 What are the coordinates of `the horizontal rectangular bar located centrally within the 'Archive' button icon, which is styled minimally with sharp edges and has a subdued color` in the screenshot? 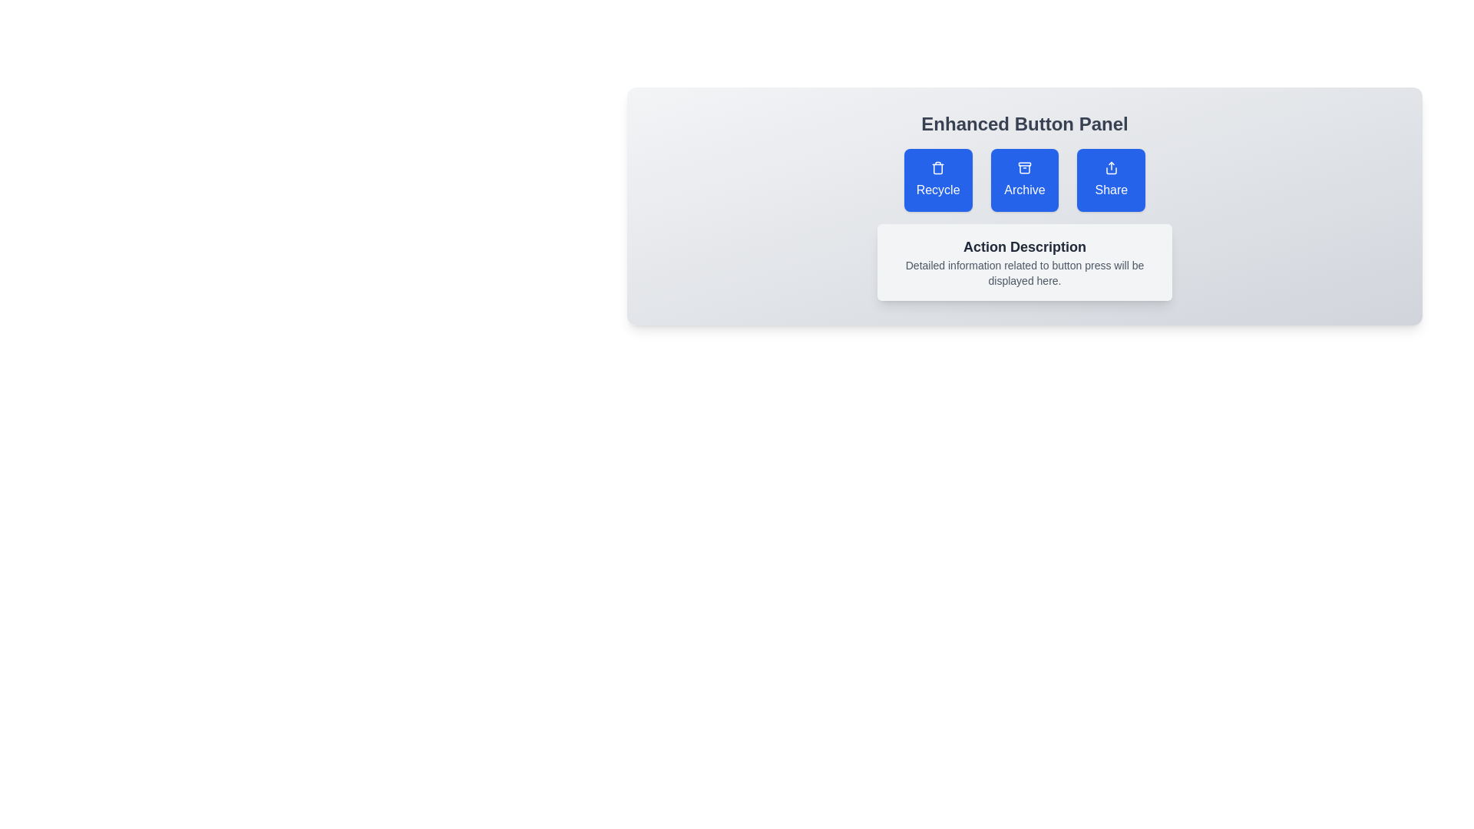 It's located at (1024, 163).